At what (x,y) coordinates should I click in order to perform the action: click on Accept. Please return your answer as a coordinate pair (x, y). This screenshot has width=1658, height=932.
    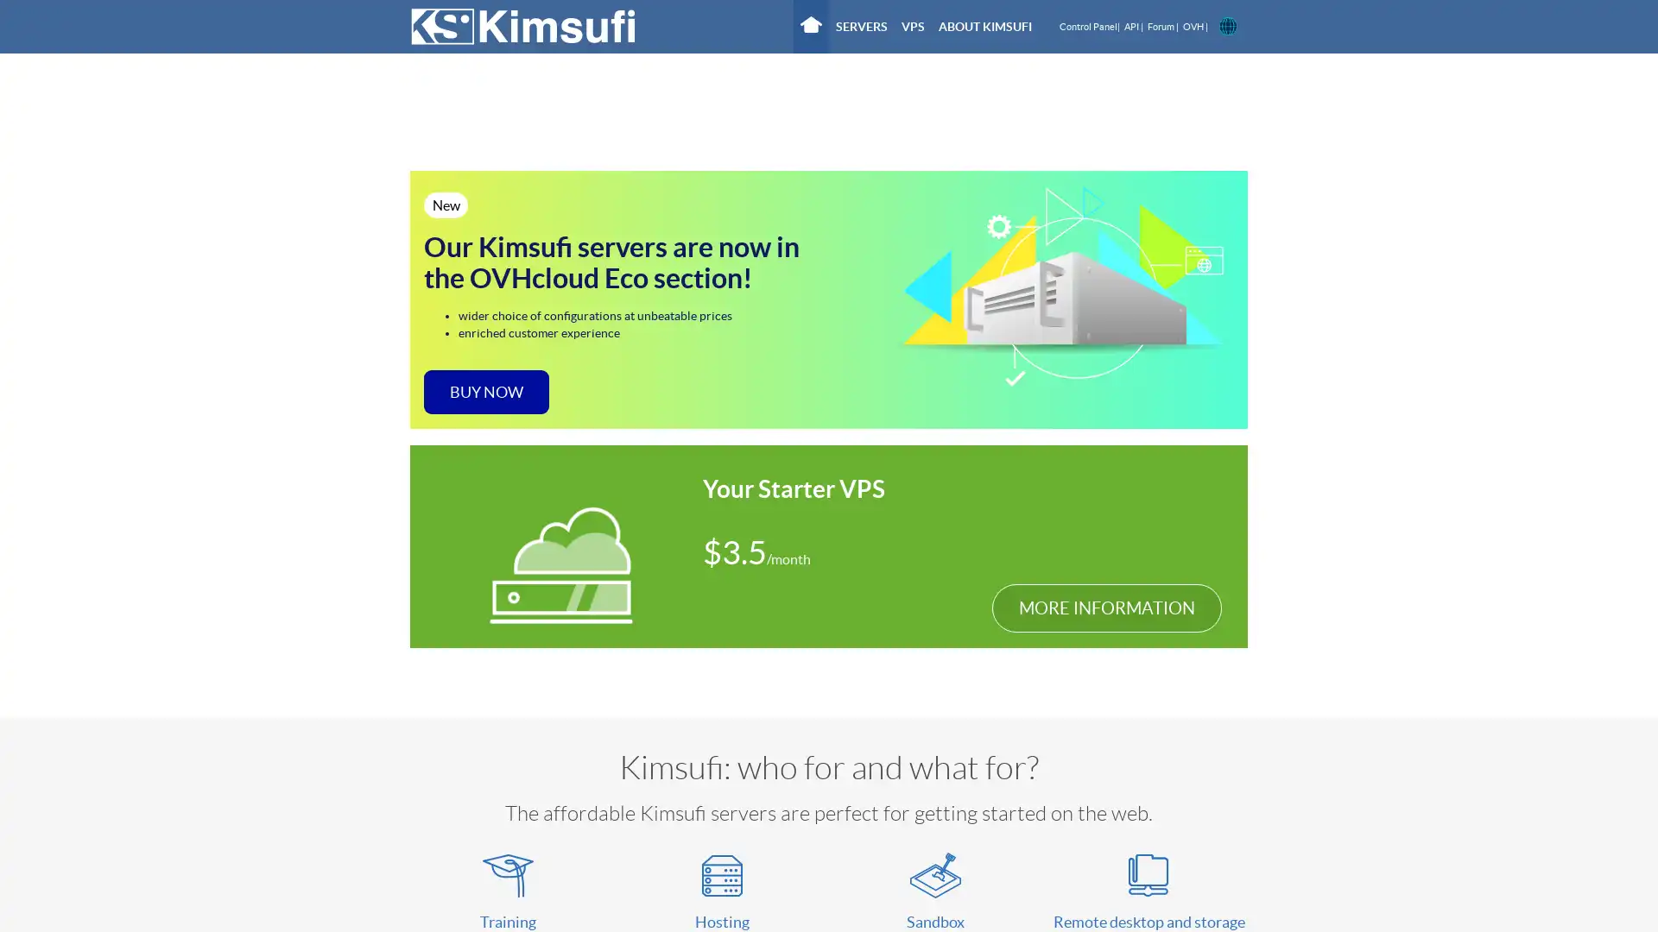
    Looking at the image, I should click on (1107, 425).